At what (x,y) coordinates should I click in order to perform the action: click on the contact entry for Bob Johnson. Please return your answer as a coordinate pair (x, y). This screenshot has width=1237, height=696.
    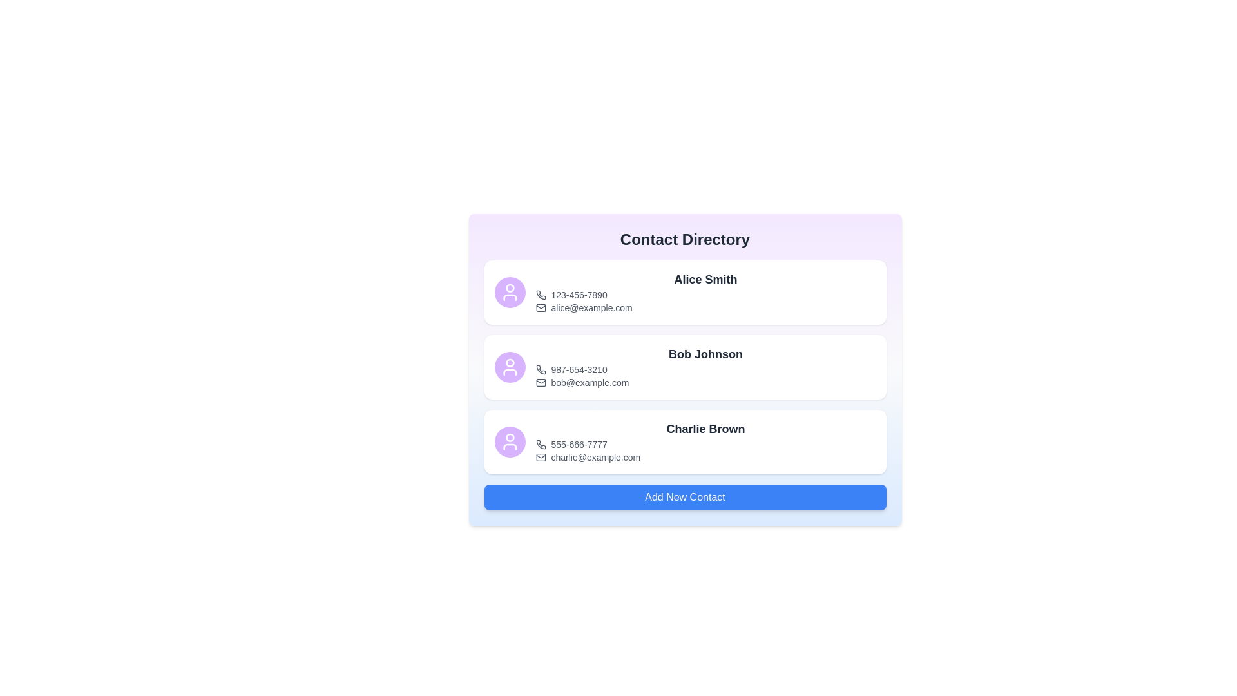
    Looking at the image, I should click on (684, 367).